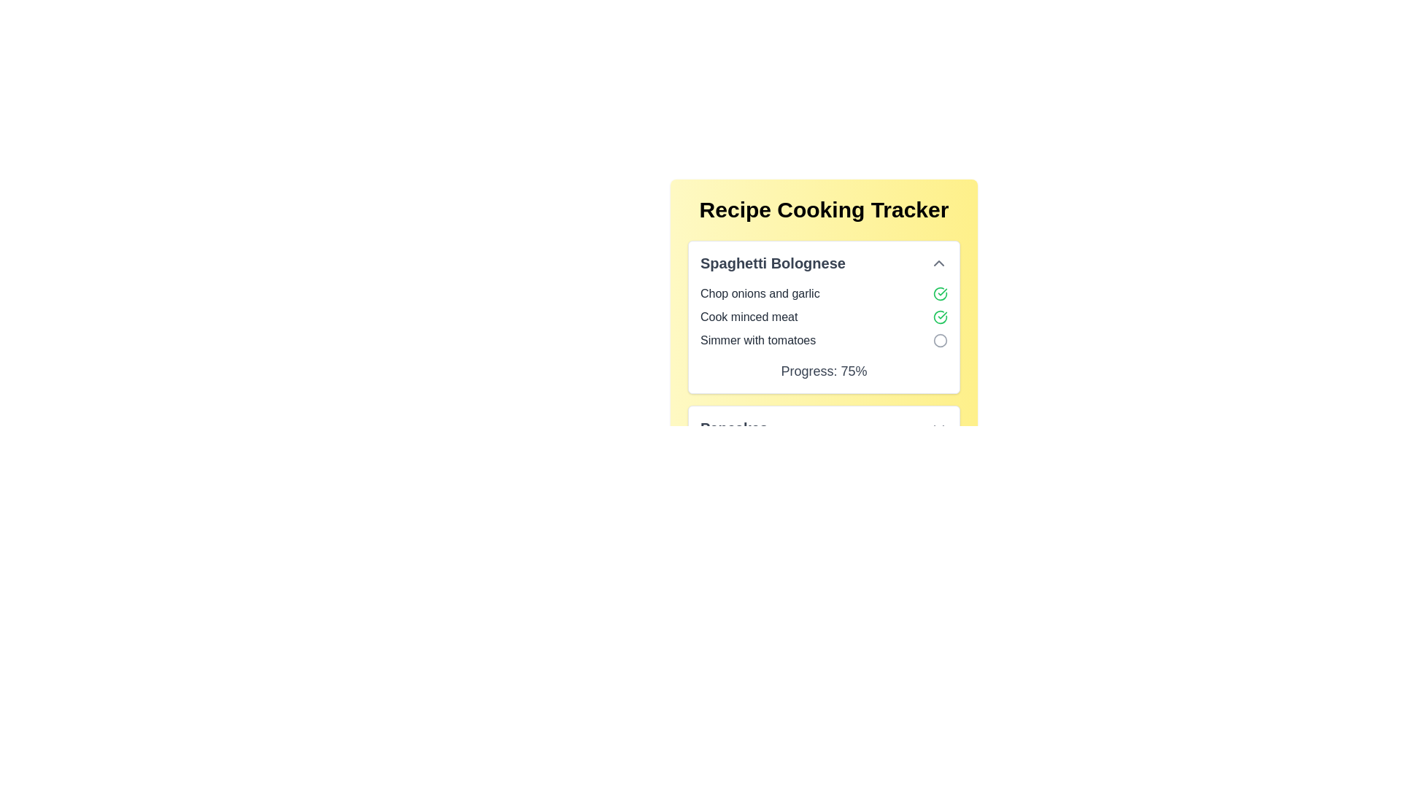 The width and height of the screenshot is (1401, 788). I want to click on and understand the instructional text label for 'cooking minced meat' in the Spaghetti Bolognese cooking steps, which is the second item in the vertical list of steps, so click(749, 317).